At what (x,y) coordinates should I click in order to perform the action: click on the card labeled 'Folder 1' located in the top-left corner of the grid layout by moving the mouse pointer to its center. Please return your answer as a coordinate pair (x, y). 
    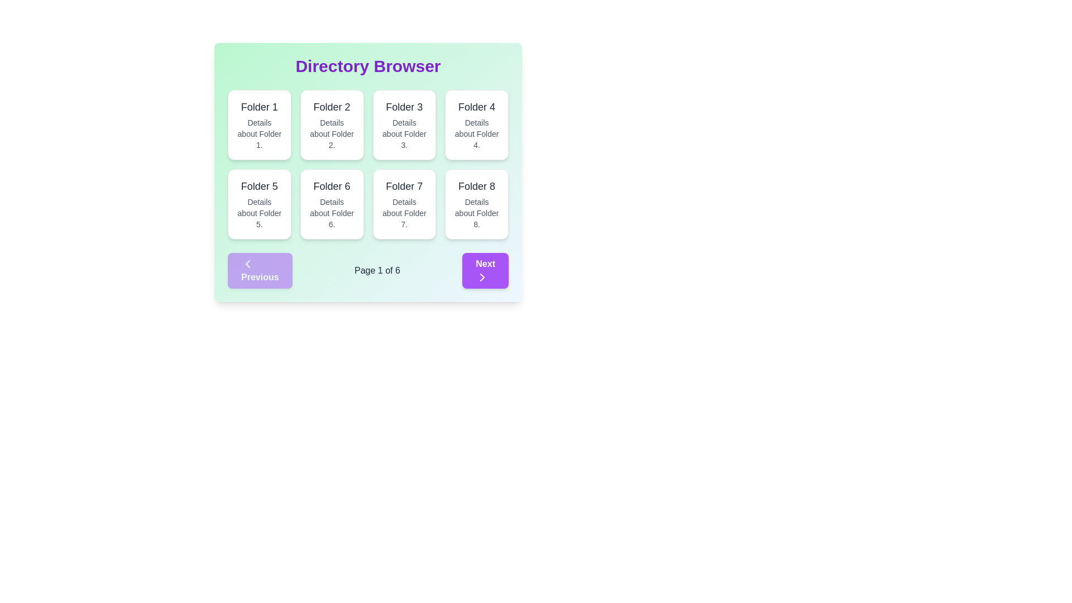
    Looking at the image, I should click on (259, 125).